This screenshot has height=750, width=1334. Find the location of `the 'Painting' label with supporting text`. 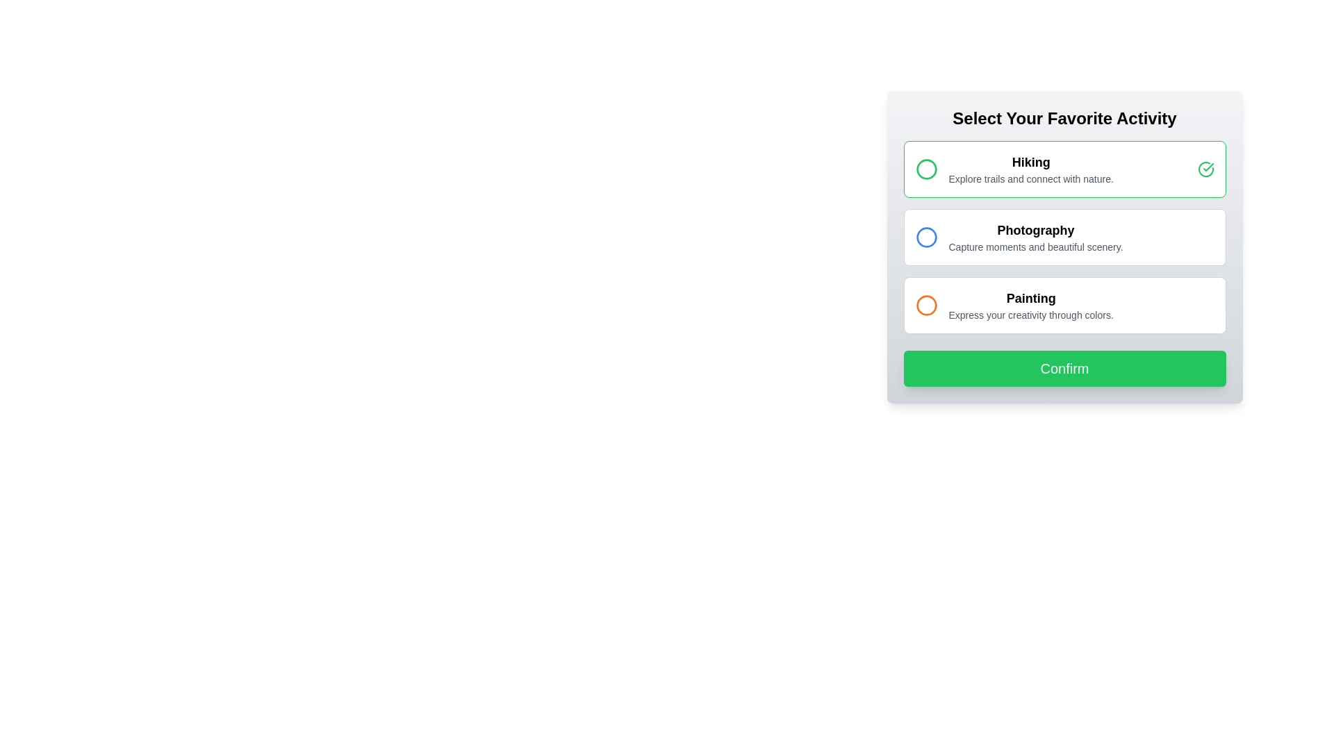

the 'Painting' label with supporting text is located at coordinates (1031, 304).